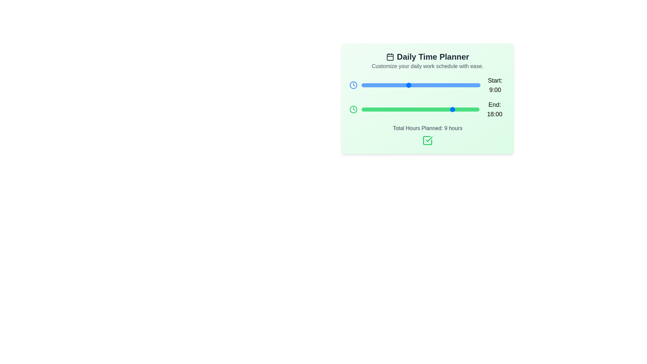  Describe the element at coordinates (464, 85) in the screenshot. I see `the 'Start' slider to set the start time to 20` at that location.